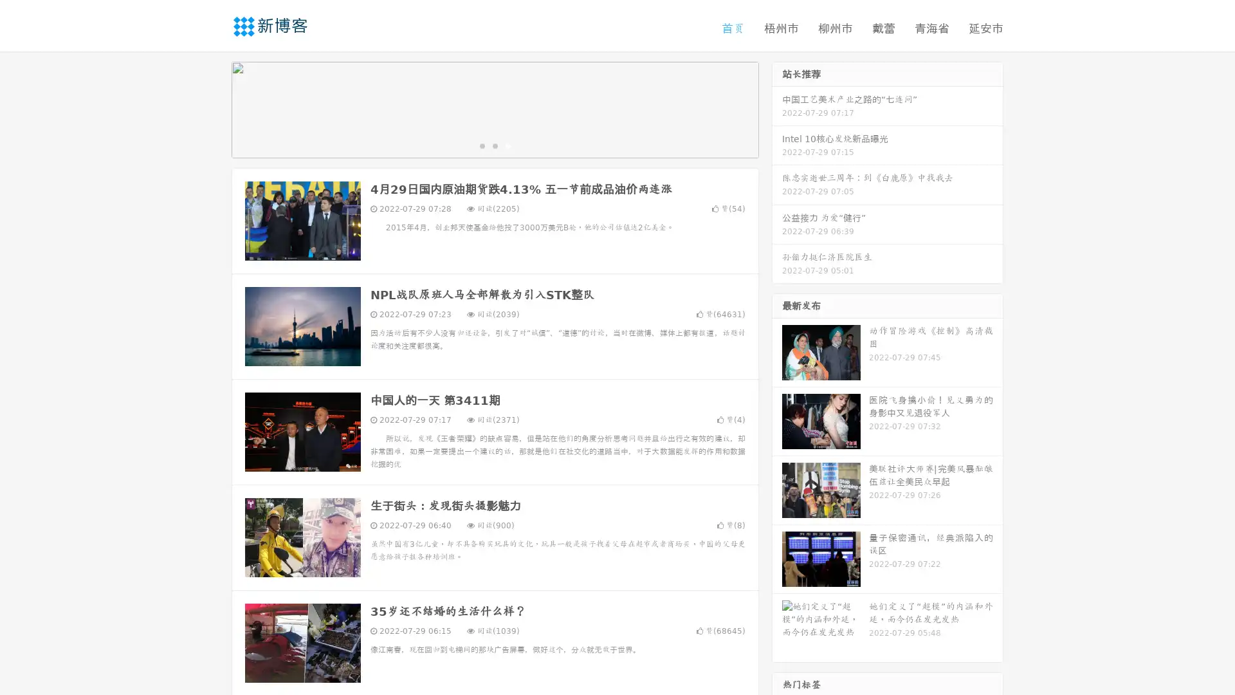 The height and width of the screenshot is (695, 1235). What do you see at coordinates (212, 108) in the screenshot?
I see `Previous slide` at bounding box center [212, 108].